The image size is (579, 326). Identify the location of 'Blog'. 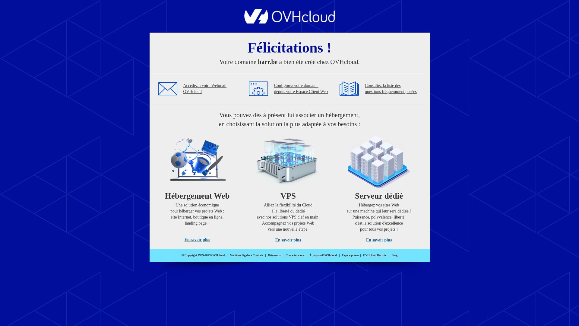
(394, 255).